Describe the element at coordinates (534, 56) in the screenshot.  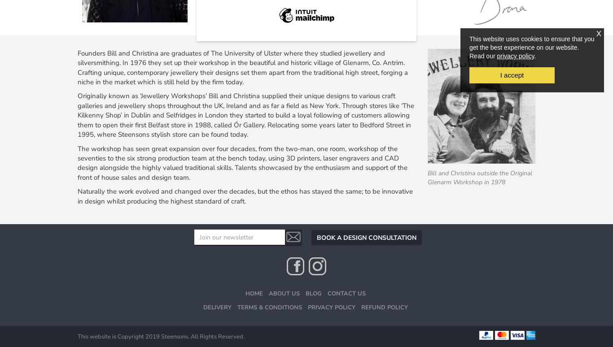
I see `'.'` at that location.